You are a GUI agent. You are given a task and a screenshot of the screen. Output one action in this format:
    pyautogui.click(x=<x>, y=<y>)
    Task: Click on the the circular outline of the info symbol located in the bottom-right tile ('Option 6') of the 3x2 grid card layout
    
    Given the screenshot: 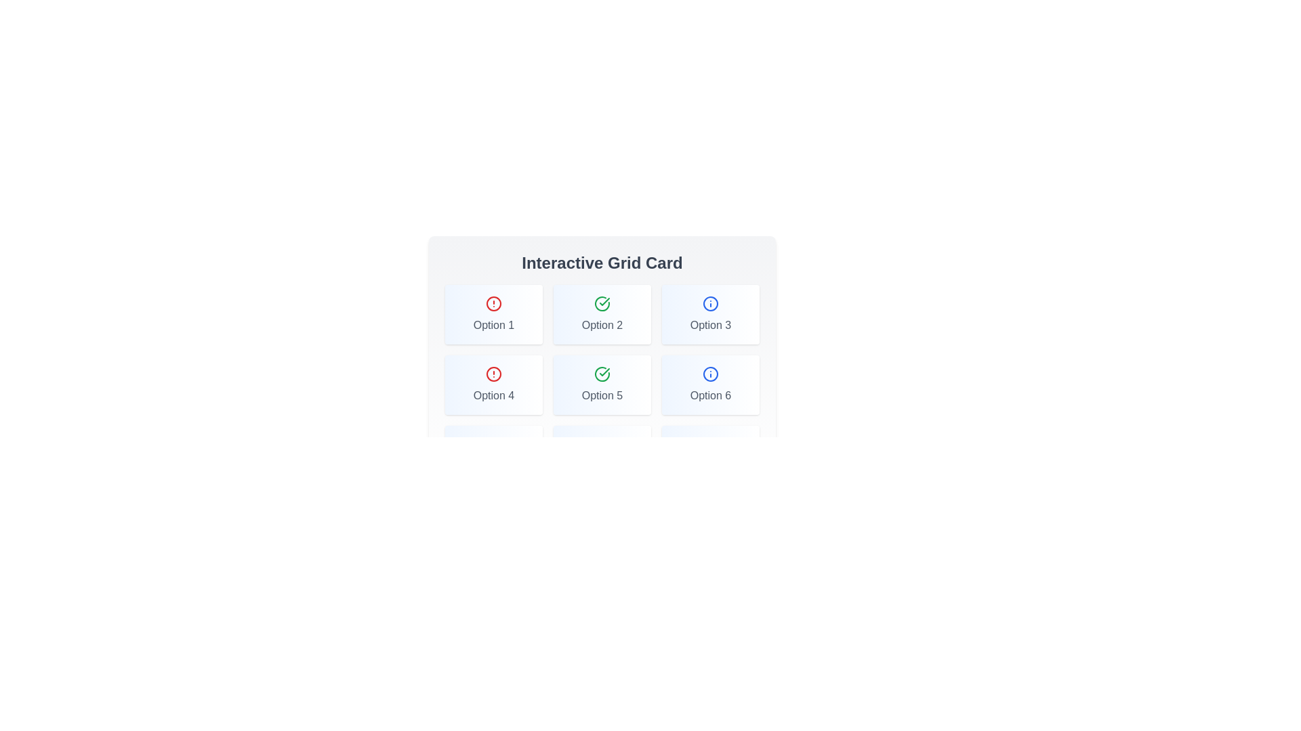 What is the action you would take?
    pyautogui.click(x=710, y=374)
    